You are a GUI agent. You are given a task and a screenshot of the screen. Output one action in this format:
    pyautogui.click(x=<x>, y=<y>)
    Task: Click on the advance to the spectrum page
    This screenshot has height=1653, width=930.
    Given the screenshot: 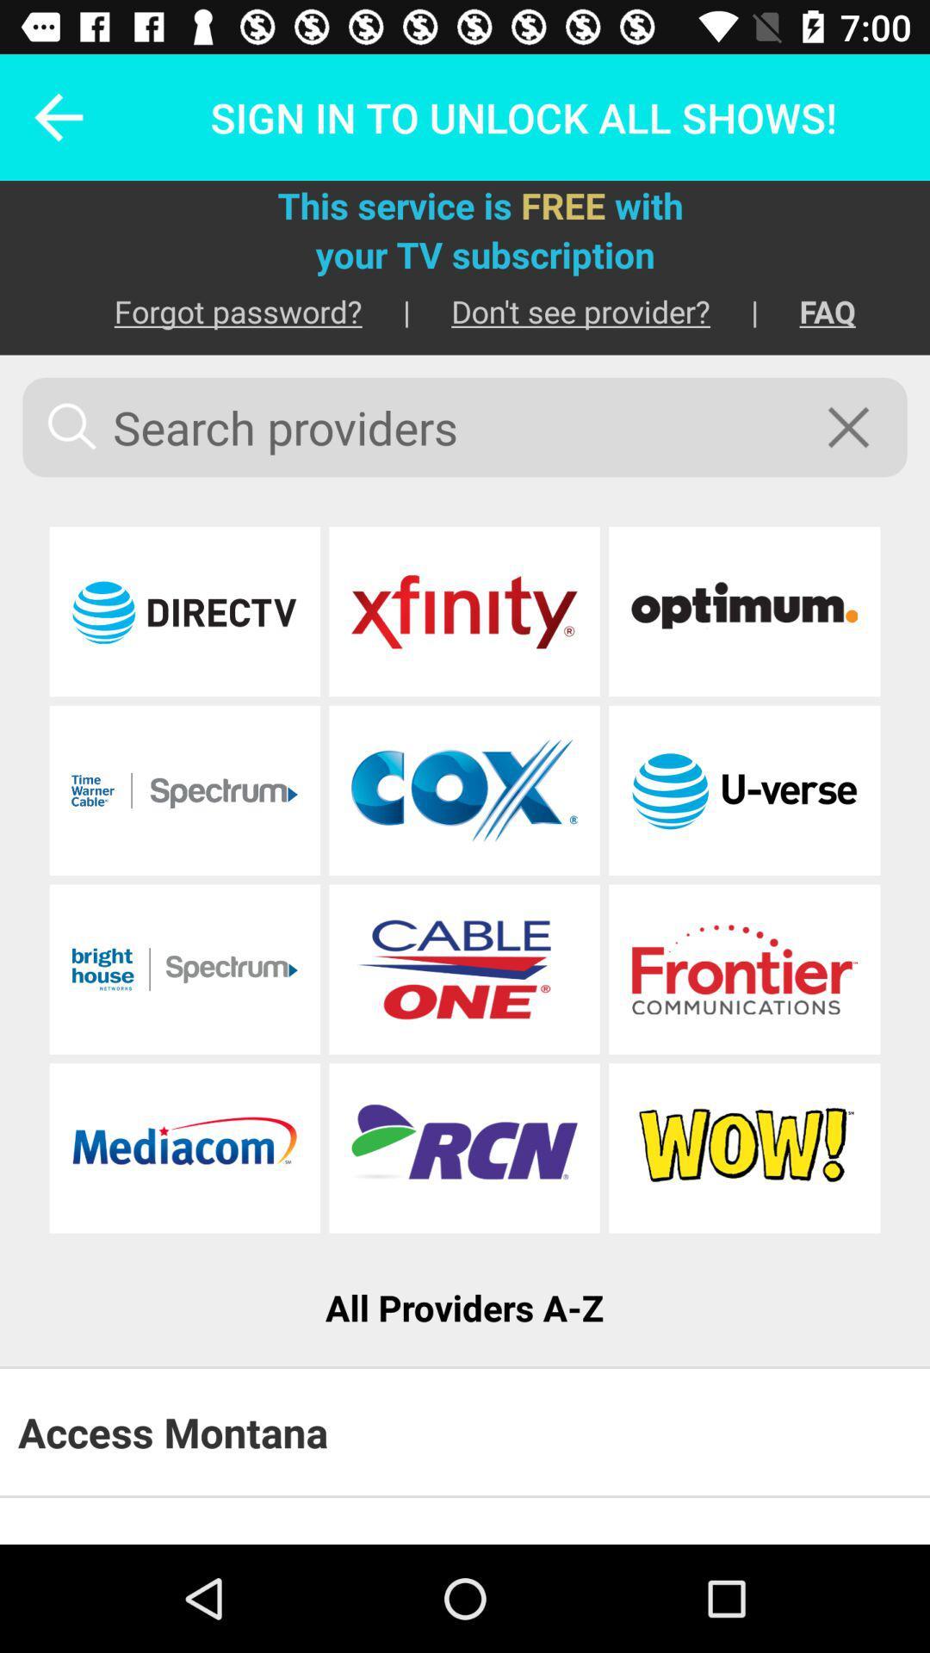 What is the action you would take?
    pyautogui.click(x=184, y=789)
    